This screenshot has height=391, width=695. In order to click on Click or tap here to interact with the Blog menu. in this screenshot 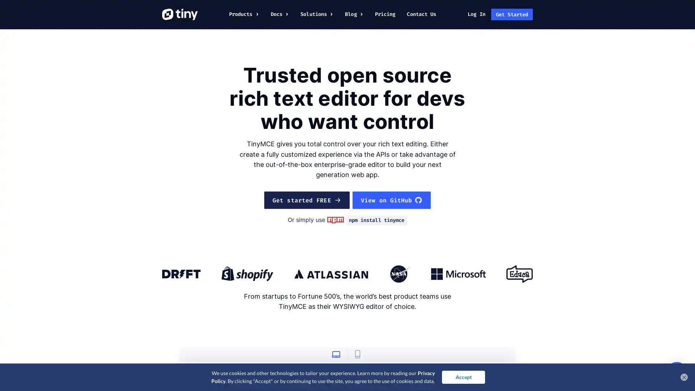, I will do `click(354, 14)`.